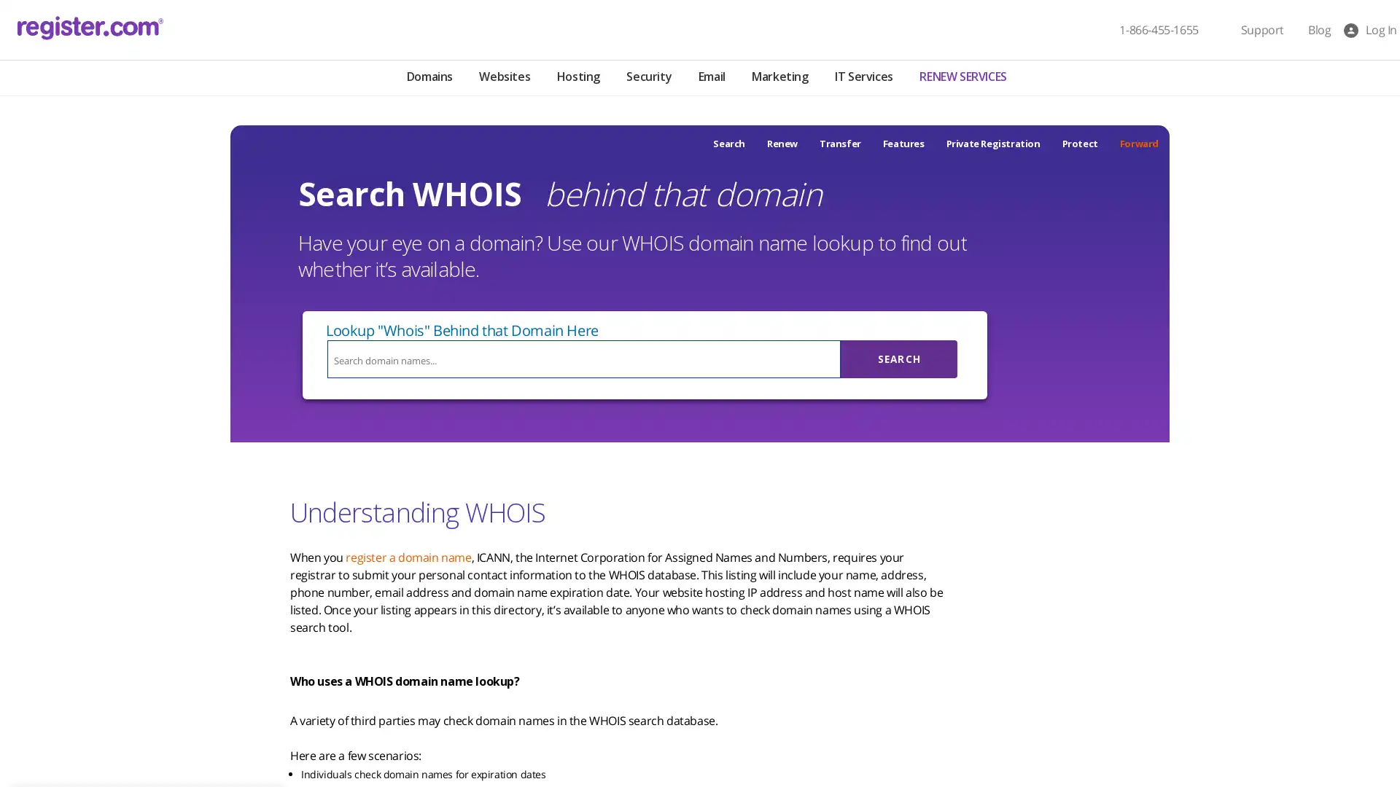 The image size is (1400, 787). What do you see at coordinates (23, 713) in the screenshot?
I see `Explore your accessibility options` at bounding box center [23, 713].